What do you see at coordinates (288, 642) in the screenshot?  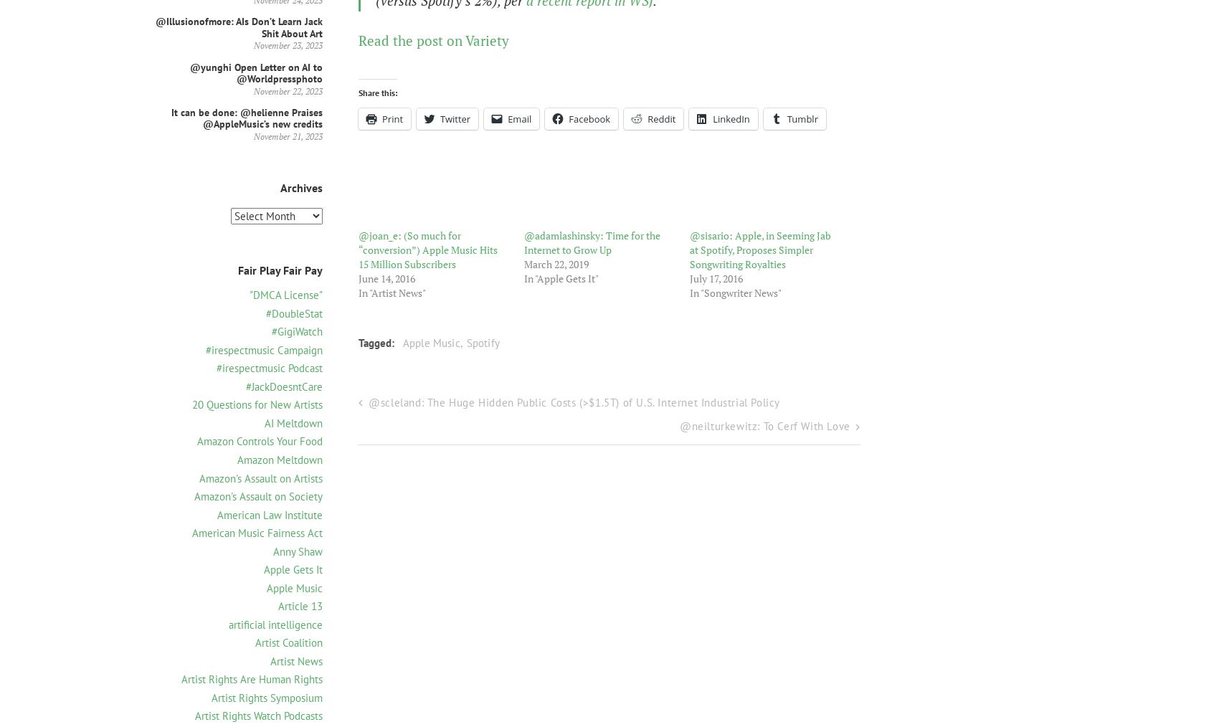 I see `'Artist Coalition'` at bounding box center [288, 642].